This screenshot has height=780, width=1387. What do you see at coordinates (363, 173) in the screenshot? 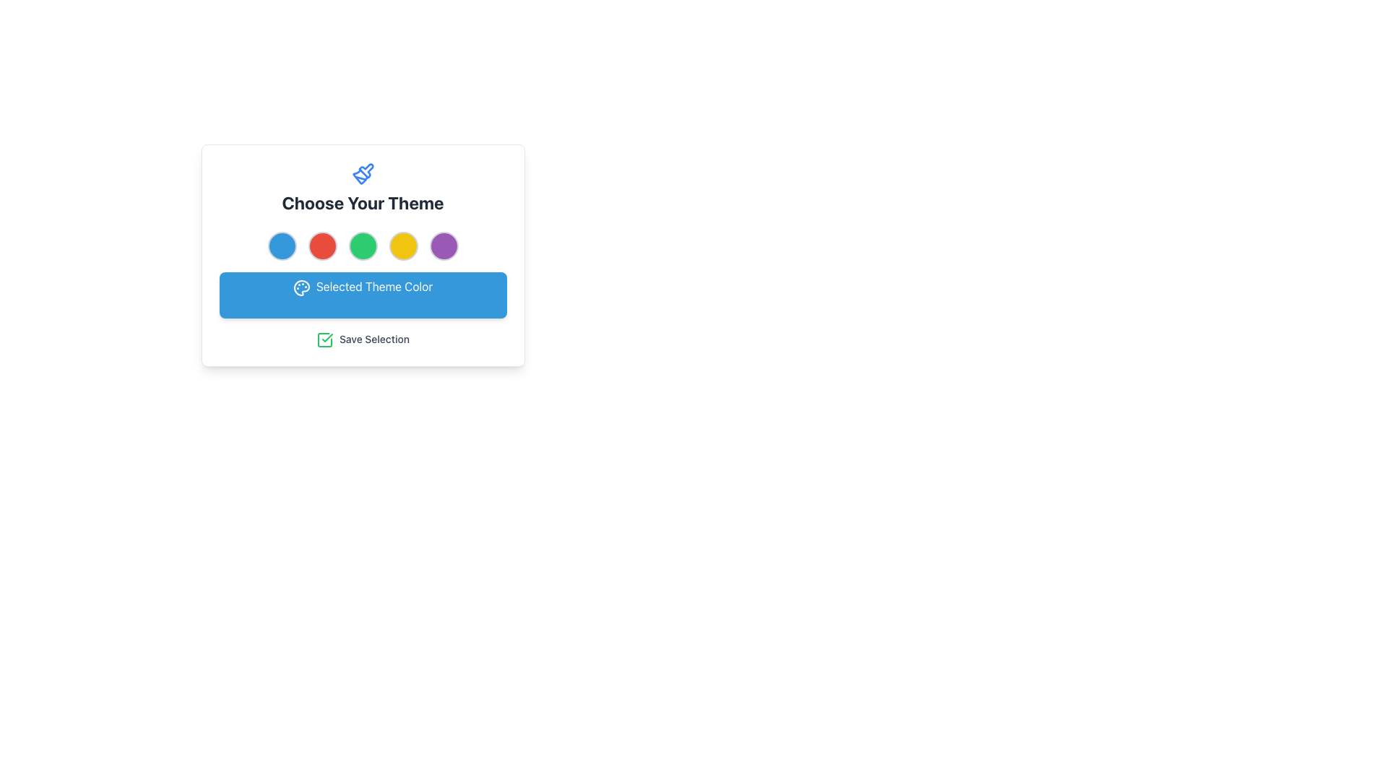
I see `the paintbrush icon that visually represents the theme selection functionality, located directly above the header text 'Choose Your Theme'` at bounding box center [363, 173].